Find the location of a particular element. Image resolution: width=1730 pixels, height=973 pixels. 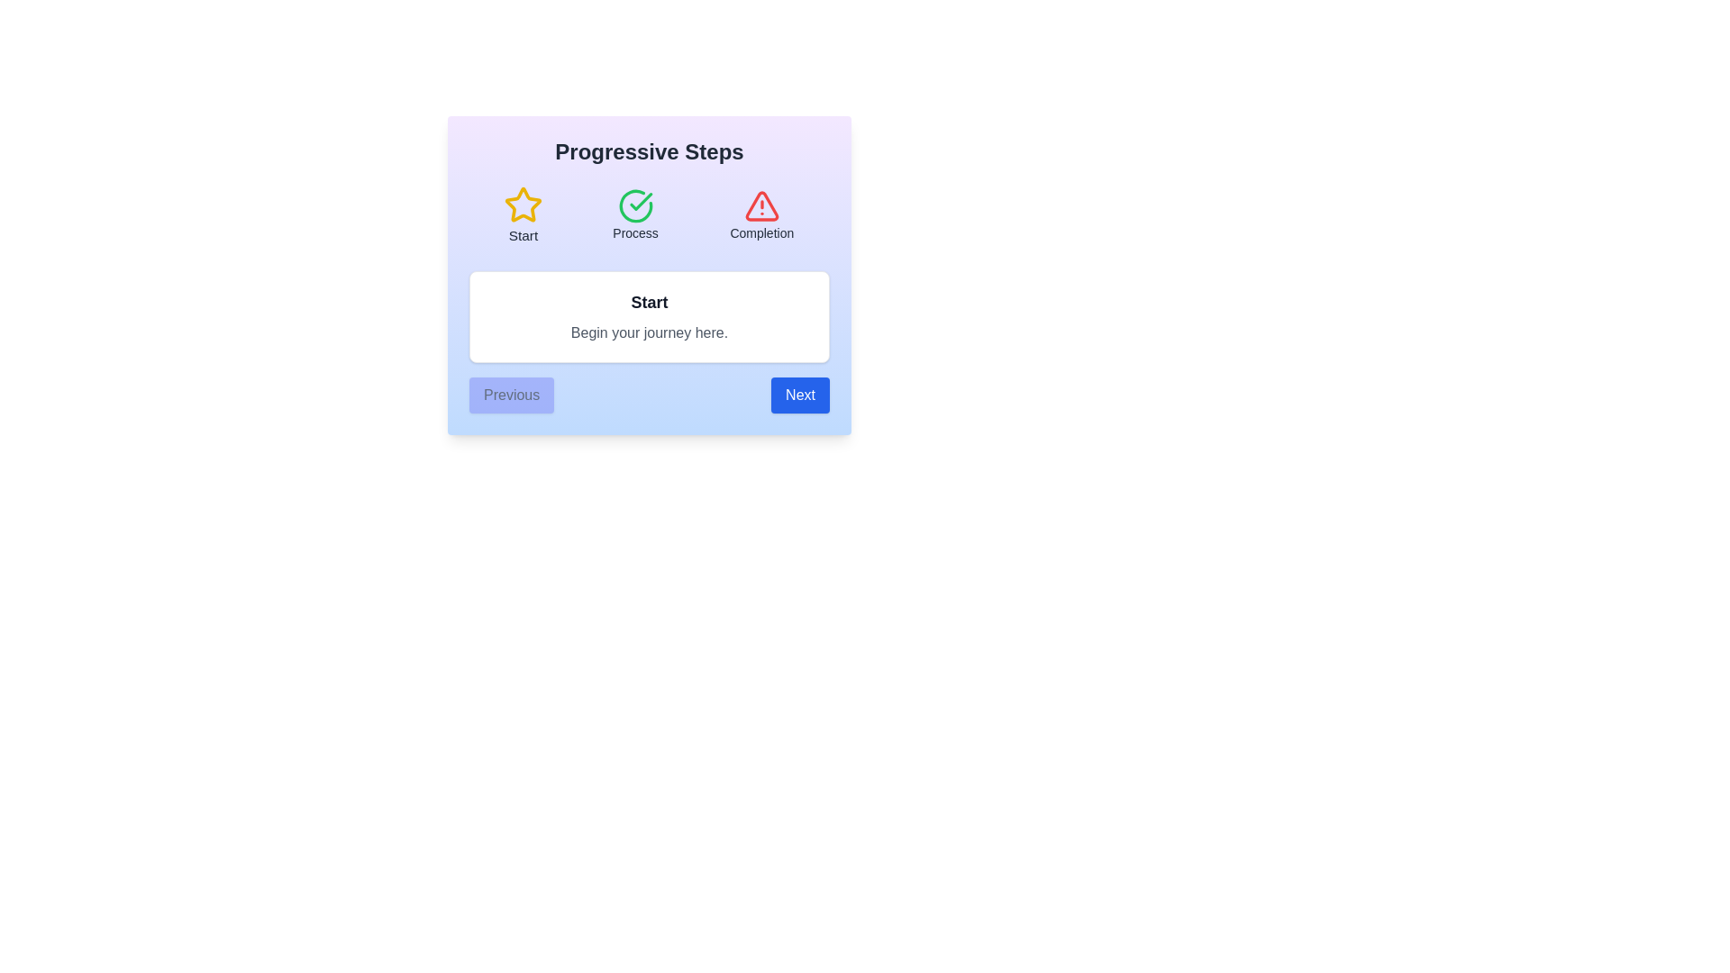

the stage button corresponding to Process is located at coordinates (635, 214).